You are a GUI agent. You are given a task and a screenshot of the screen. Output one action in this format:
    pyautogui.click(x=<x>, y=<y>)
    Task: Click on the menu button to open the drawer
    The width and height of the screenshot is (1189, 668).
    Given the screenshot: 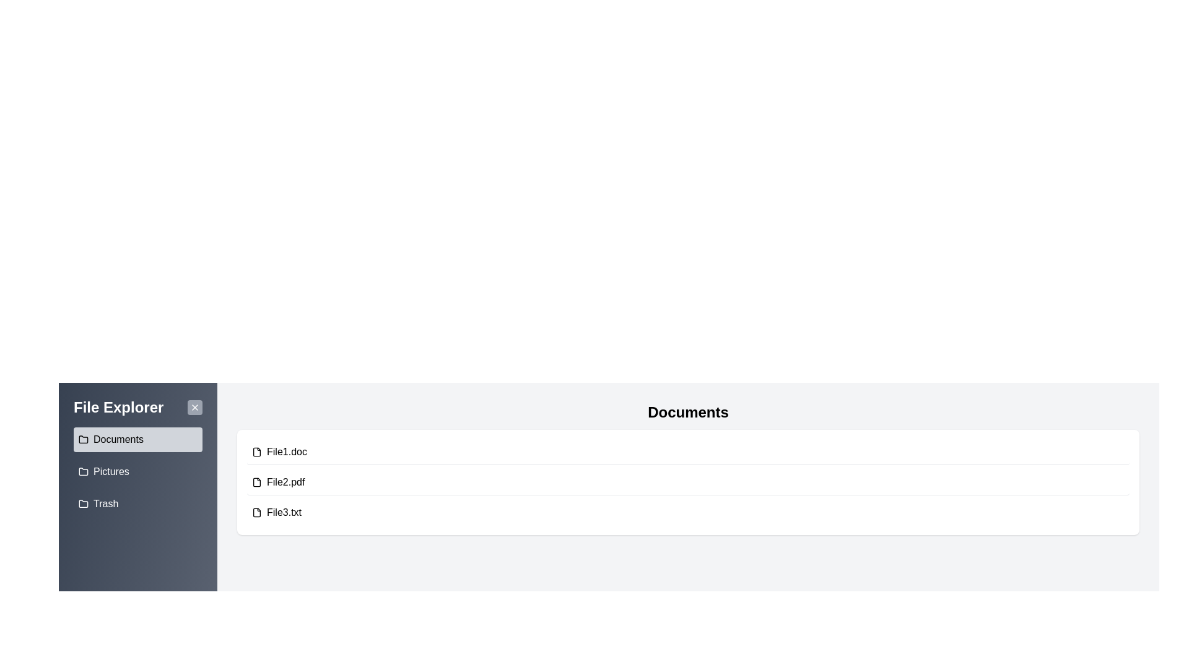 What is the action you would take?
    pyautogui.click(x=58, y=382)
    